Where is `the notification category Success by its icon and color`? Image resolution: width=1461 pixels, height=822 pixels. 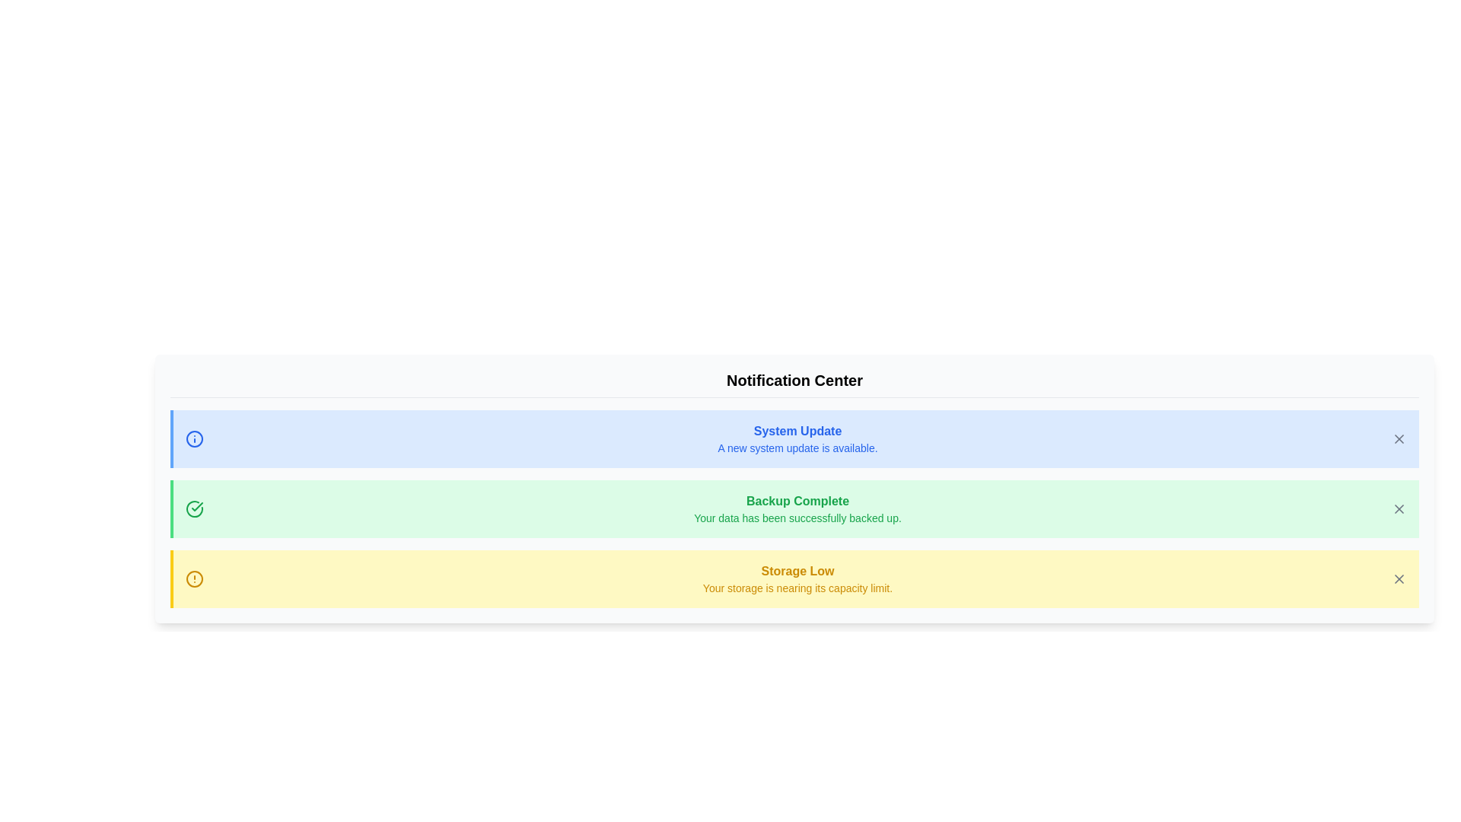 the notification category Success by its icon and color is located at coordinates (193, 508).